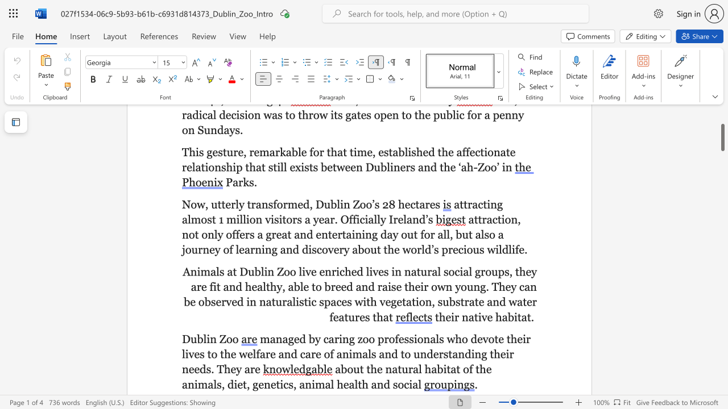 This screenshot has height=409, width=728. I want to click on the subset text "ublin Zoo live enriched lives in natural social groups, they are fit and healthy, able to" within the text "Animals at Dublin Zoo live enriched lives in natural social groups, they are fit and healthy, able to breed and raise their own young. They can be", so click(247, 272).